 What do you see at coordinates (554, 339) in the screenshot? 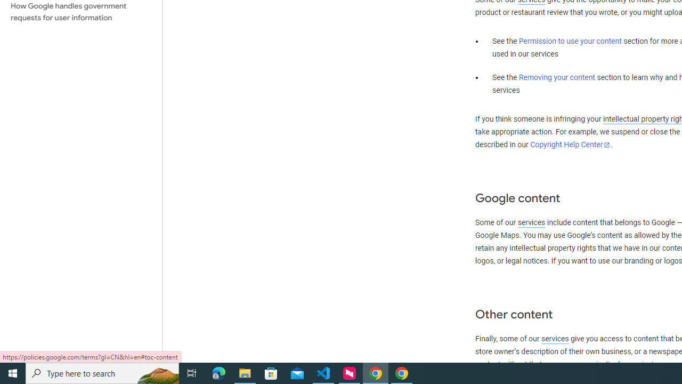
I see `'services'` at bounding box center [554, 339].